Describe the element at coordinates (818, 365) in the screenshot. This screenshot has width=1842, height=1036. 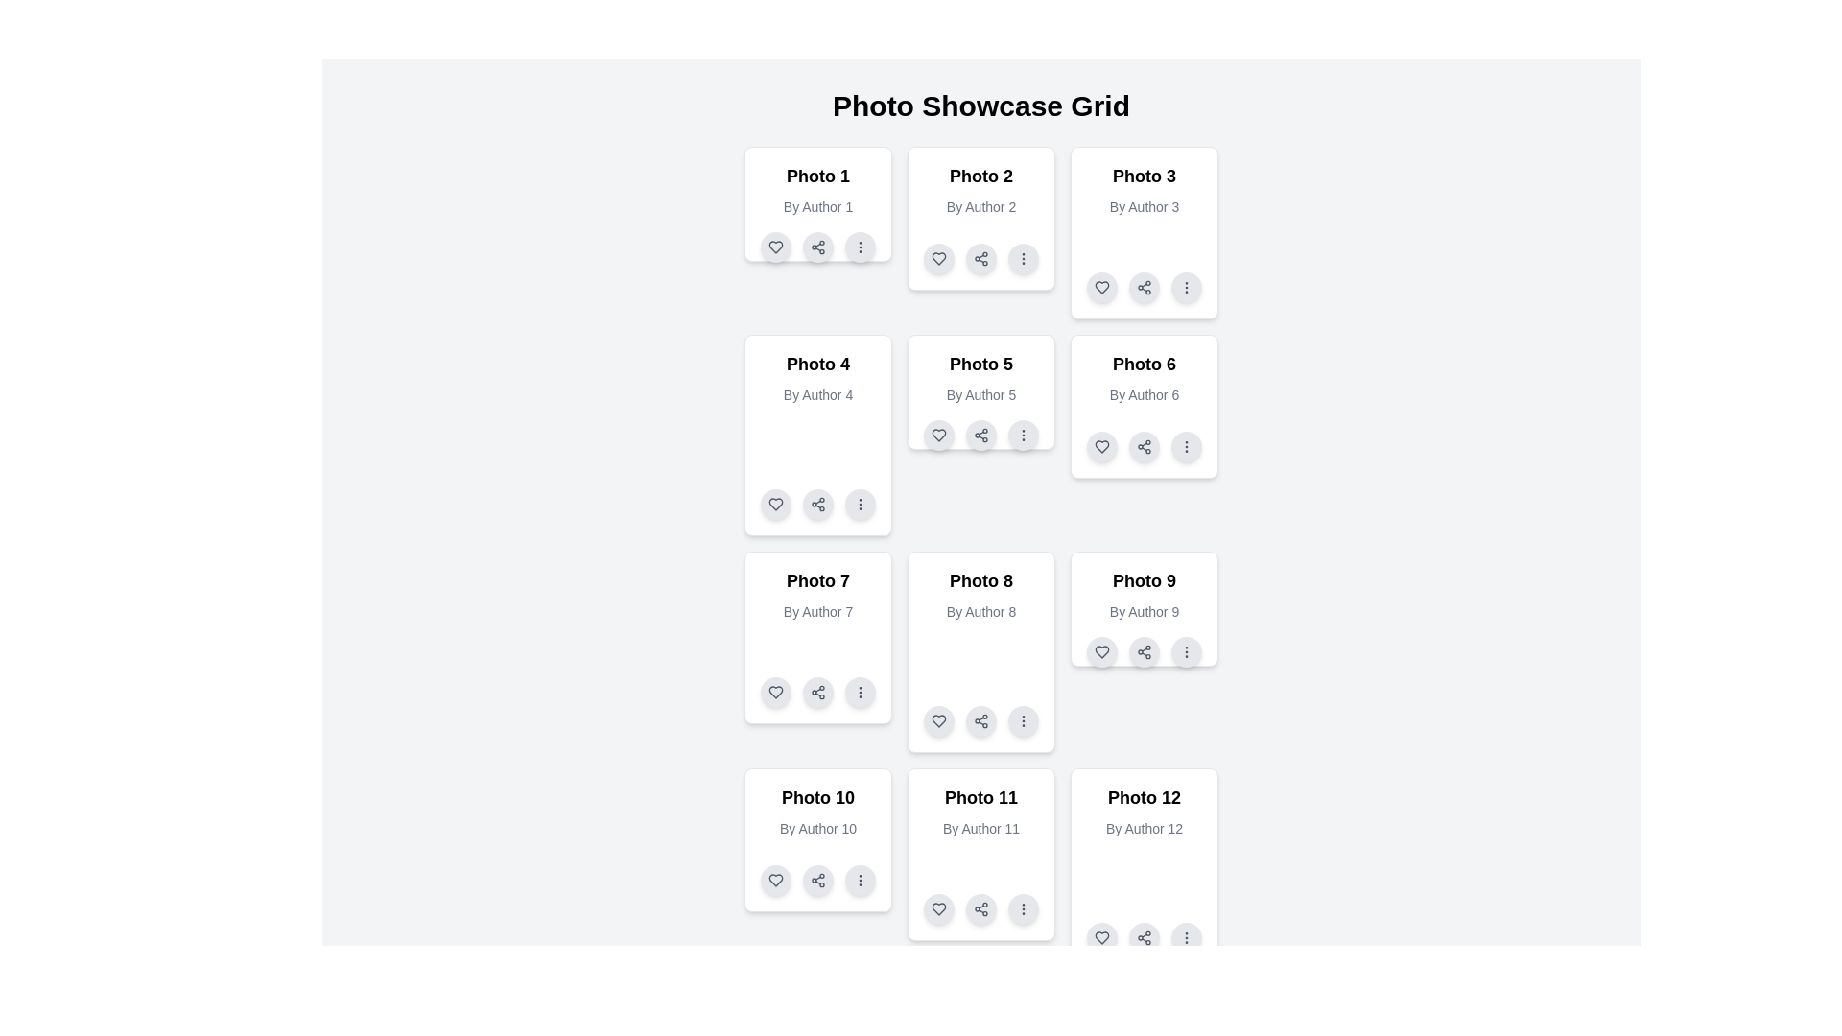
I see `the bold text label reading 'Photo 4' that is centrally aligned in the upper portion of a card layout, which is part of a grid structure in the second row, first column` at that location.